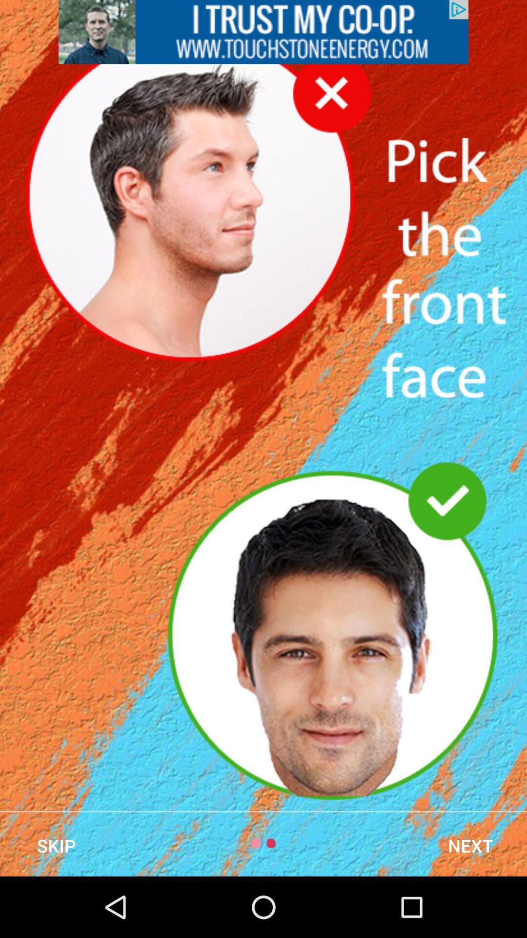 This screenshot has height=938, width=527. I want to click on advertisement image, so click(263, 32).